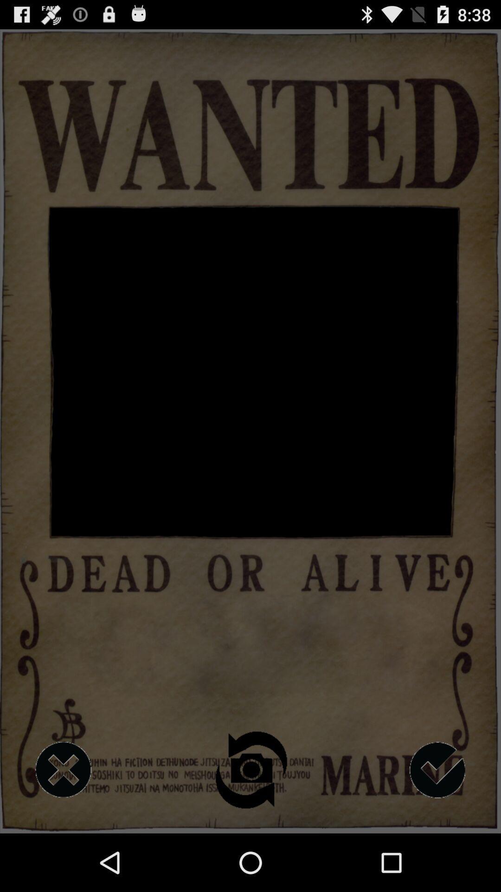  I want to click on icon at the bottom, so click(250, 770).